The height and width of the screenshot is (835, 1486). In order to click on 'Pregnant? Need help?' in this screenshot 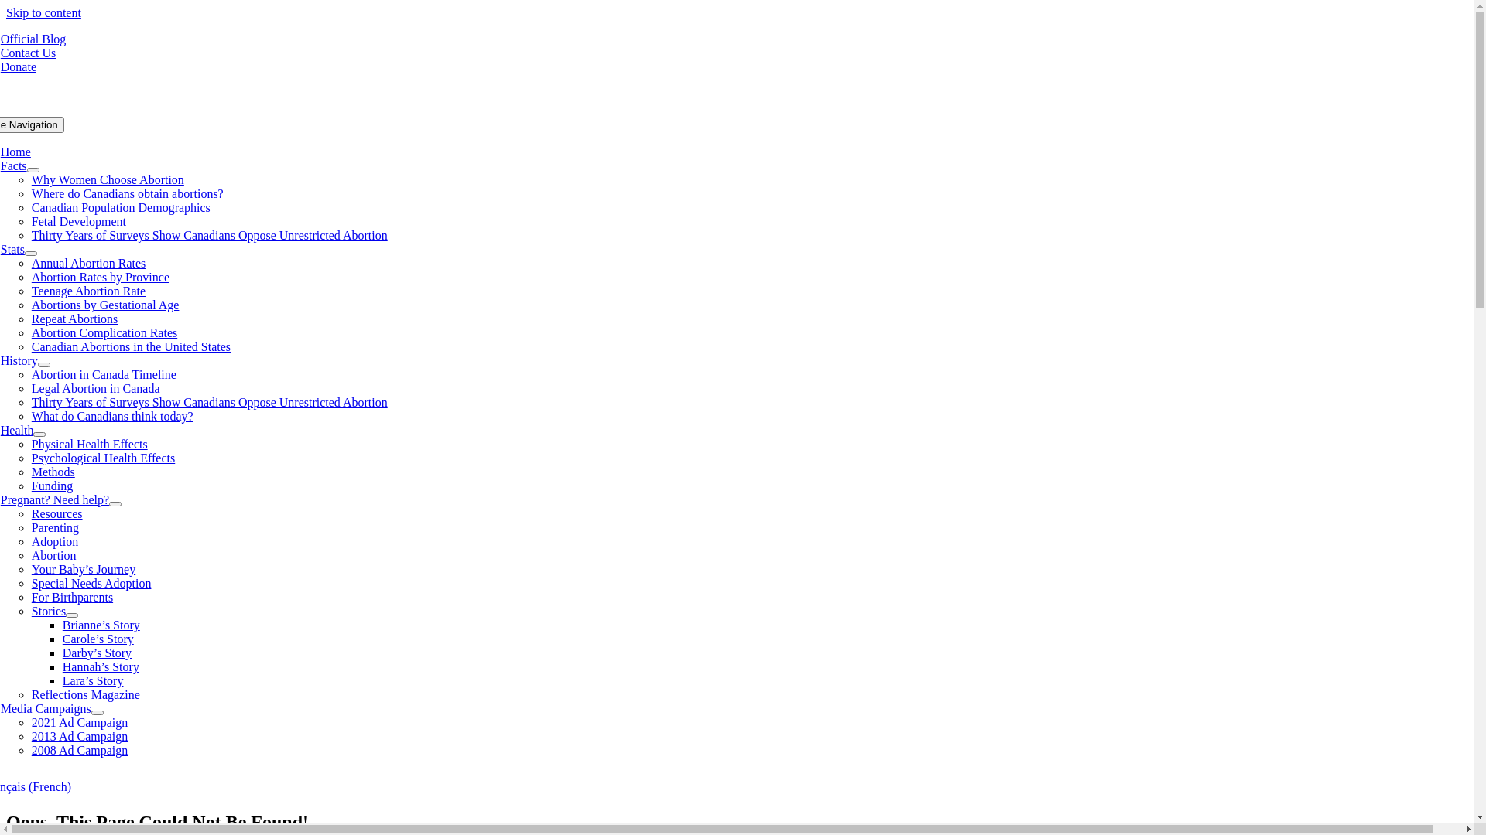, I will do `click(55, 499)`.